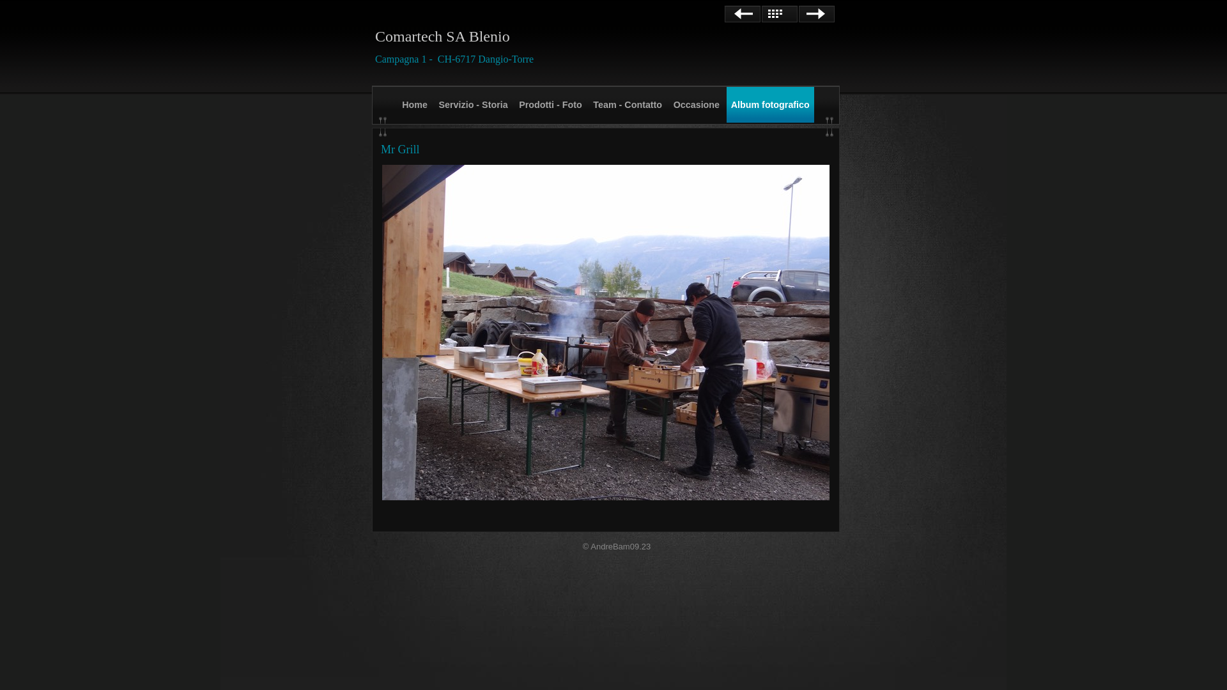 The image size is (1227, 690). What do you see at coordinates (550, 104) in the screenshot?
I see `'Prodotti - Foto'` at bounding box center [550, 104].